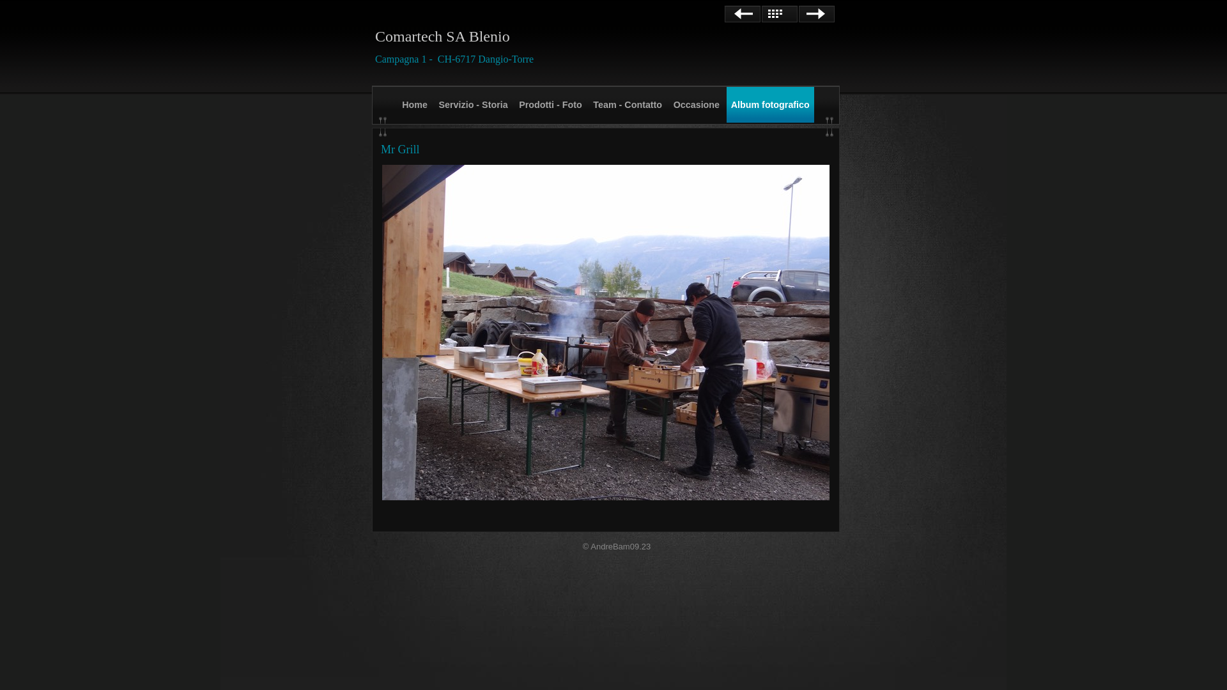 The image size is (1227, 690). What do you see at coordinates (550, 104) in the screenshot?
I see `'Prodotti - Foto'` at bounding box center [550, 104].